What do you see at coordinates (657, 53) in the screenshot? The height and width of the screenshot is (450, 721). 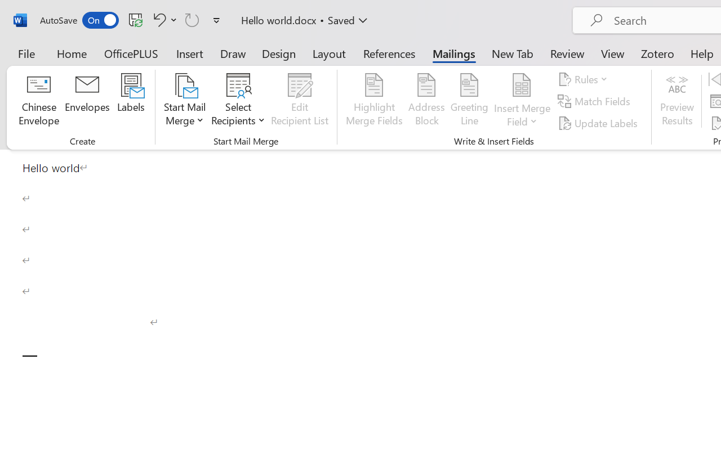 I see `'Zotero'` at bounding box center [657, 53].